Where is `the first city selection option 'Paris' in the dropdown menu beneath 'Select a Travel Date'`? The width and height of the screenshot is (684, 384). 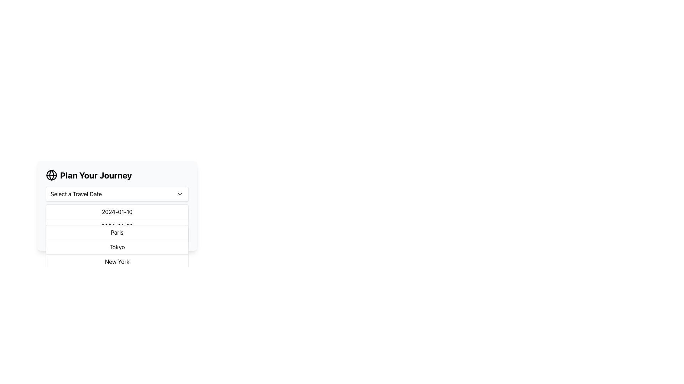
the first city selection option 'Paris' in the dropdown menu beneath 'Select a Travel Date' is located at coordinates (117, 233).